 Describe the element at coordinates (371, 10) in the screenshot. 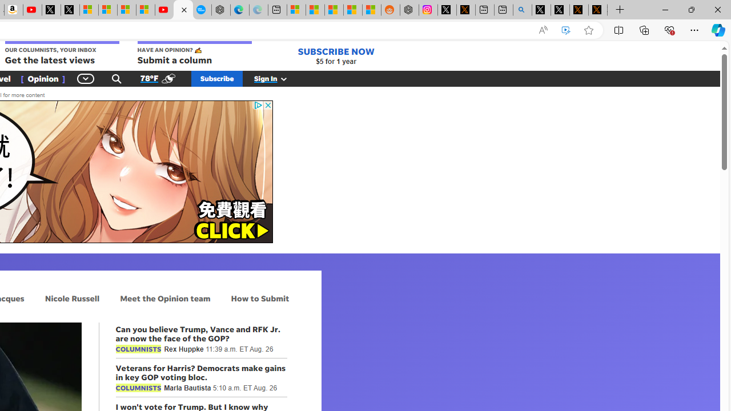

I see `'Shanghai, China Weather trends | Microsoft Weather'` at that location.